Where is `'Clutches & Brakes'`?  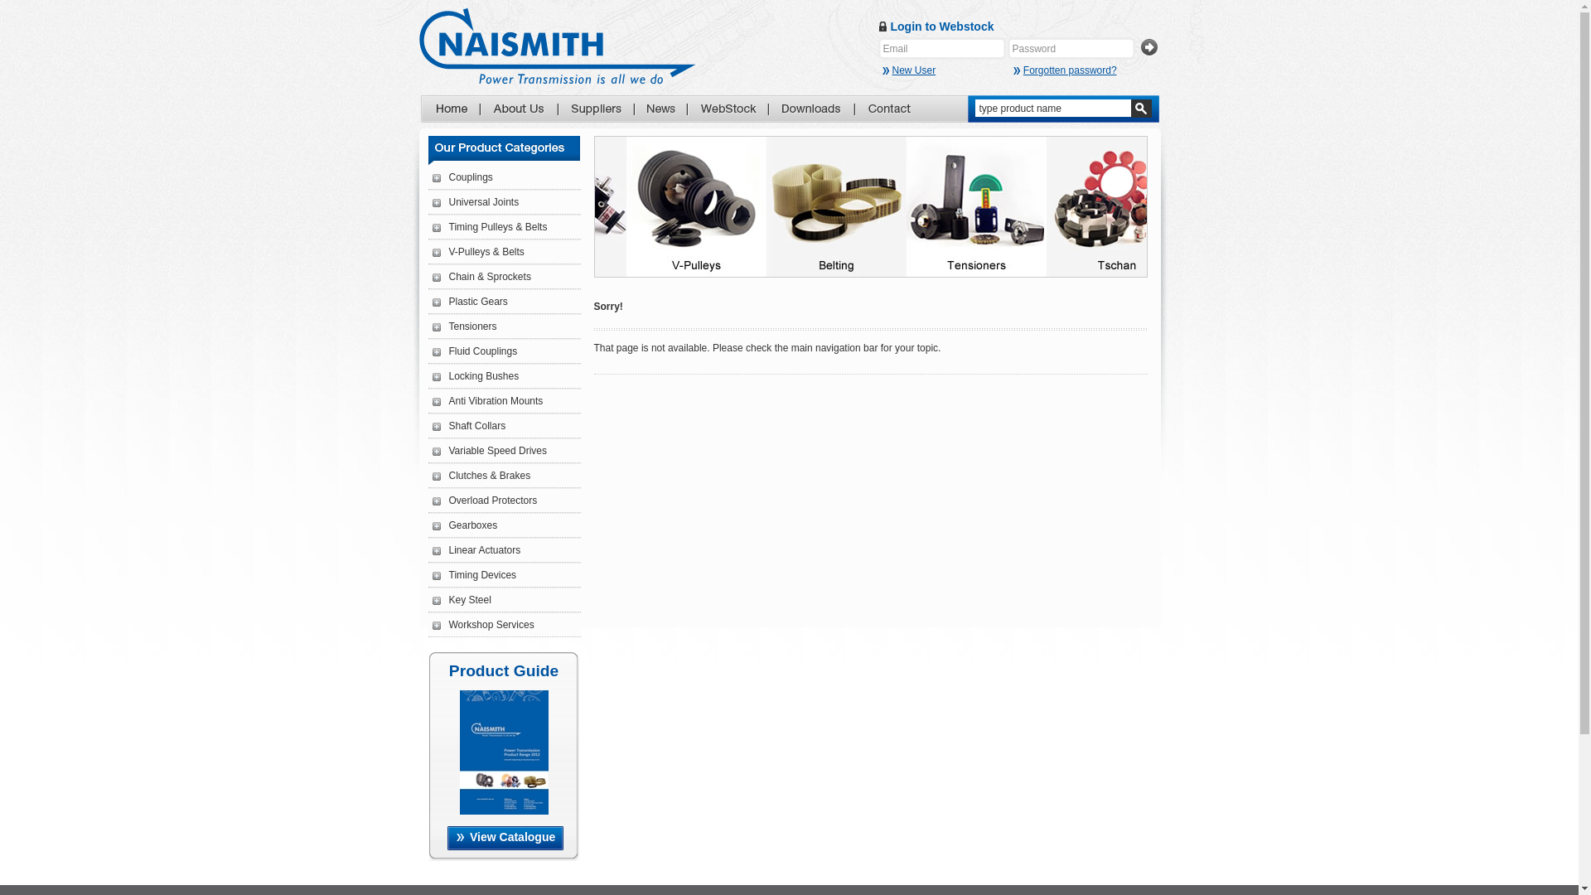
'Clutches & Brakes' is located at coordinates (433, 476).